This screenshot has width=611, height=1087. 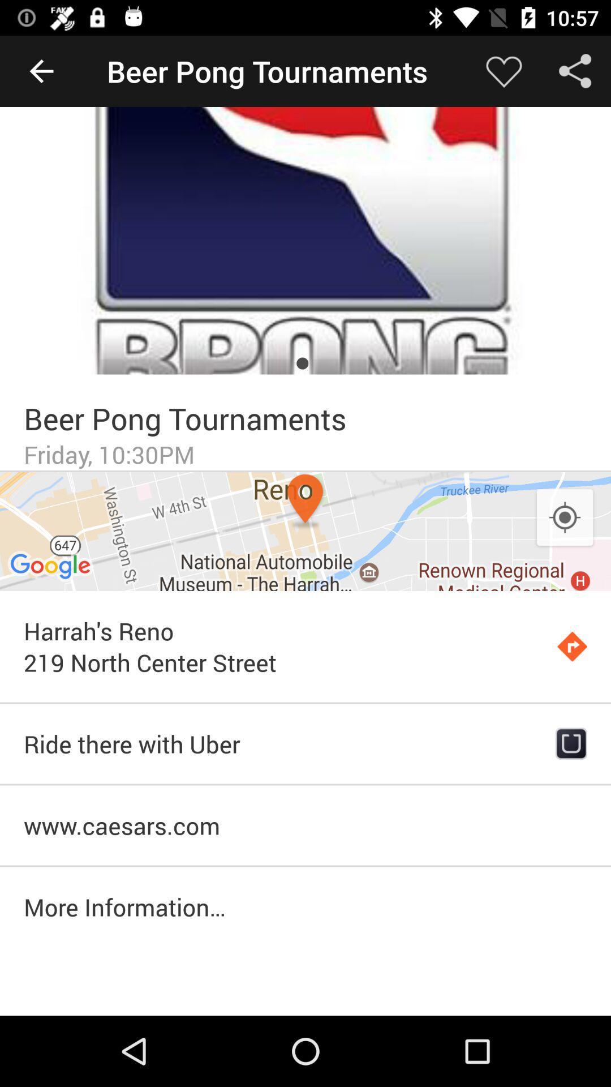 What do you see at coordinates (305, 240) in the screenshot?
I see `item above beer pong tournaments` at bounding box center [305, 240].